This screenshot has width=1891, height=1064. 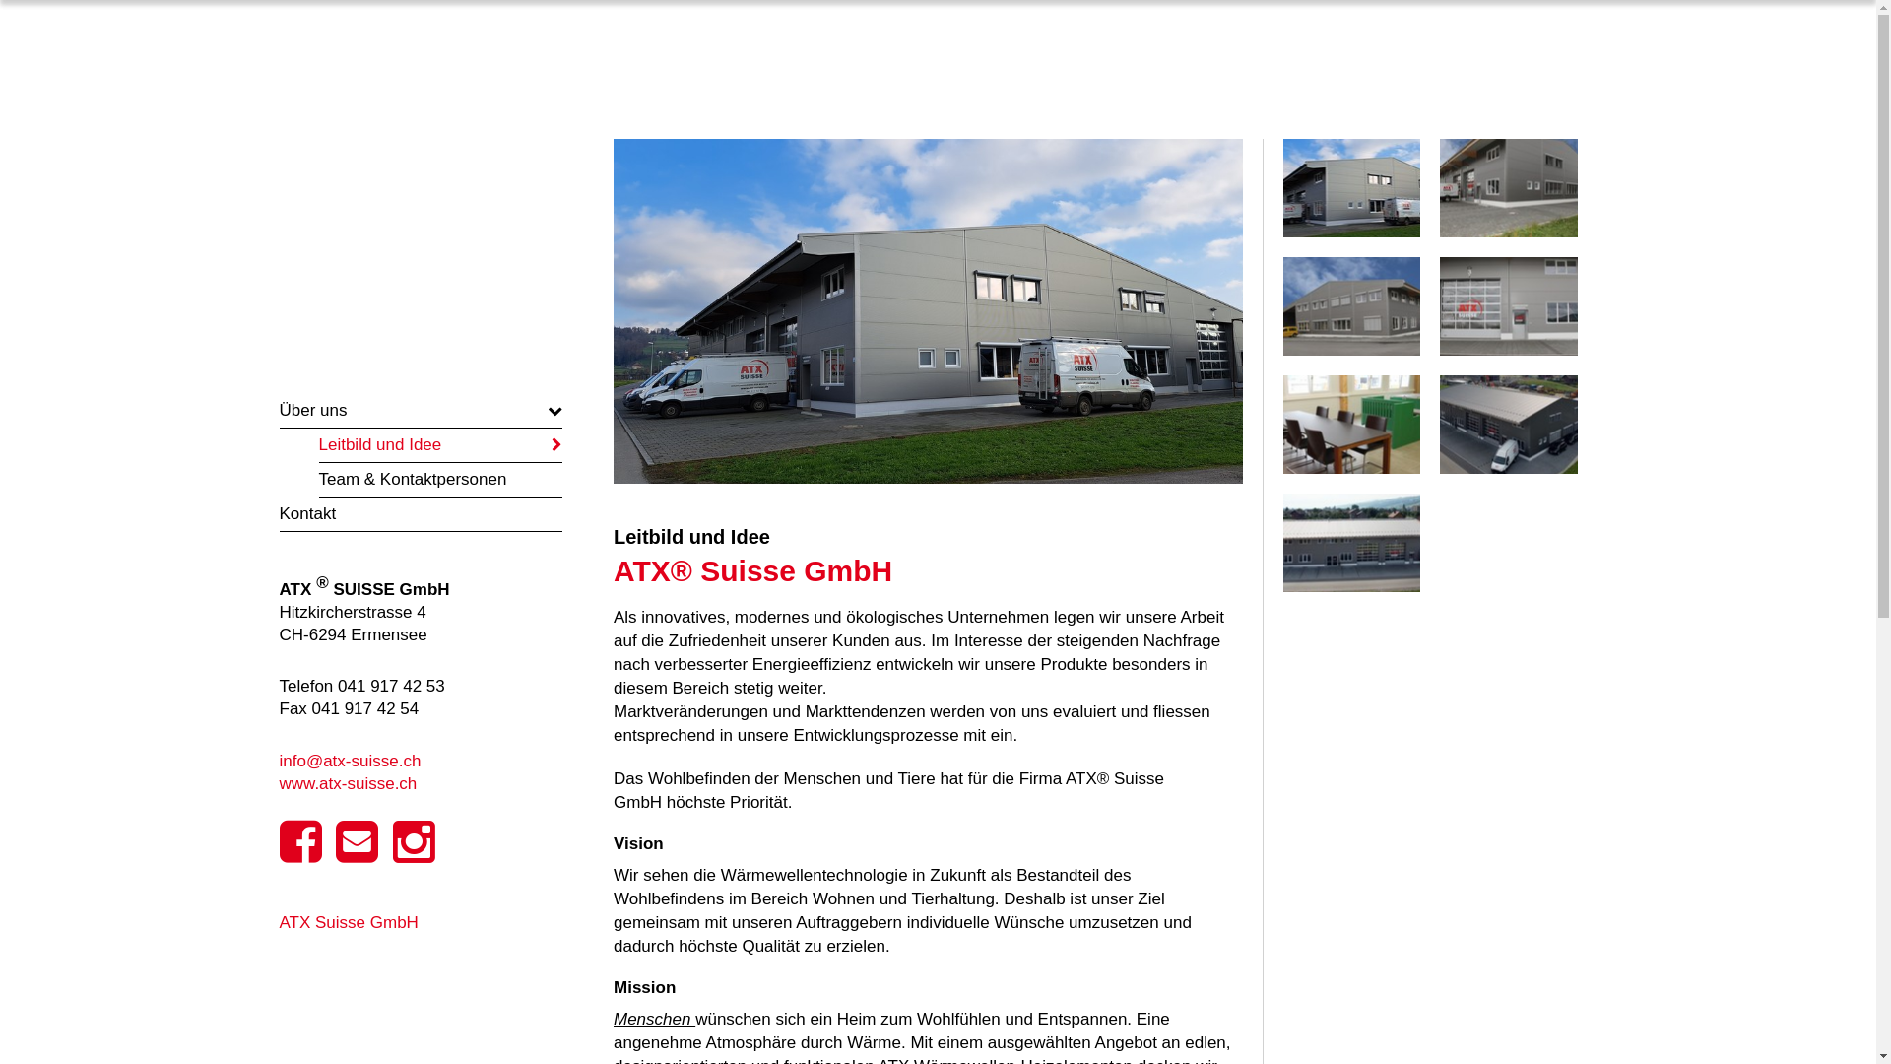 What do you see at coordinates (349, 922) in the screenshot?
I see `'ATX Suisse GmbH'` at bounding box center [349, 922].